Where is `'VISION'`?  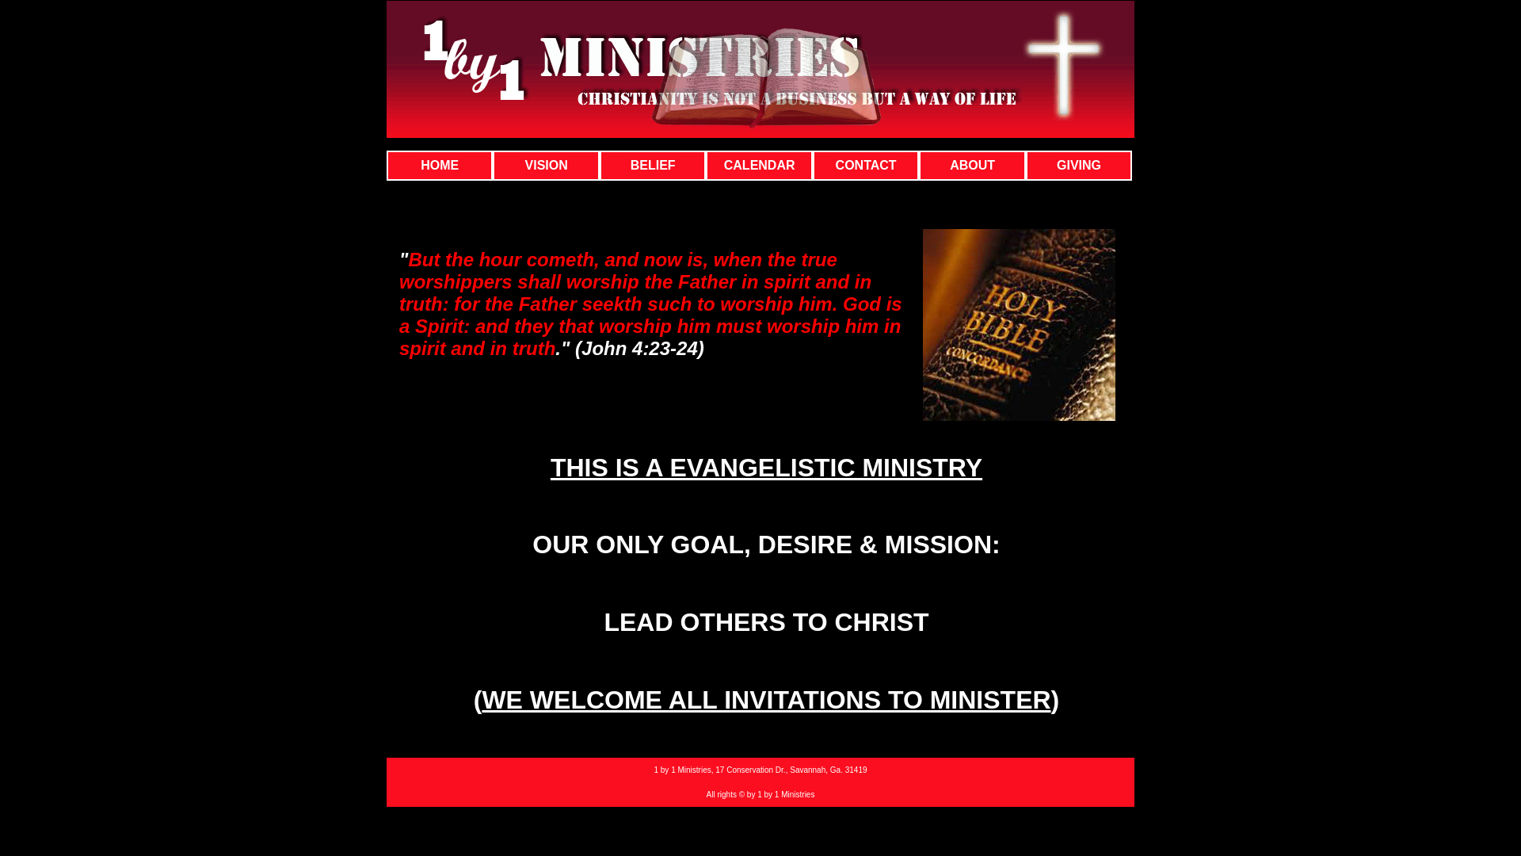 'VISION' is located at coordinates (546, 165).